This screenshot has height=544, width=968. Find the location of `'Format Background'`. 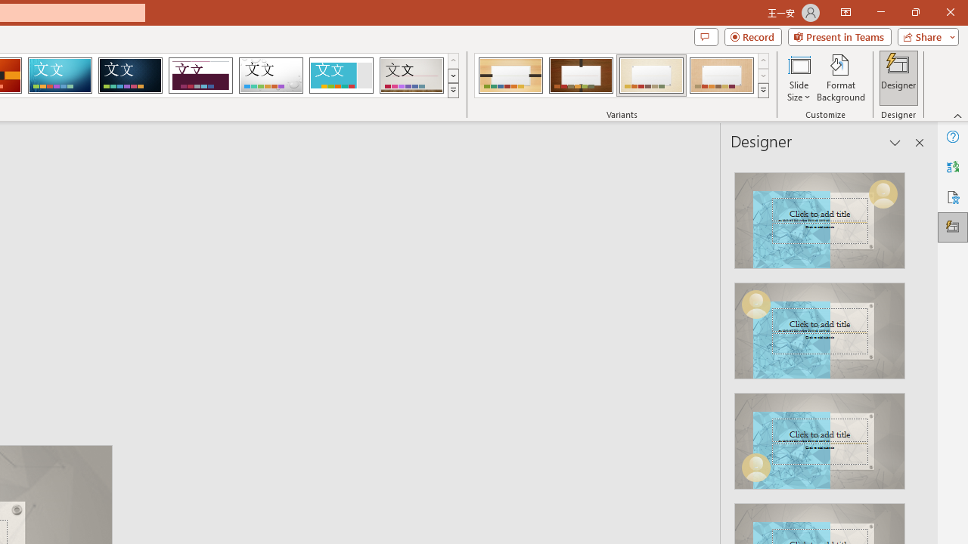

'Format Background' is located at coordinates (840, 78).